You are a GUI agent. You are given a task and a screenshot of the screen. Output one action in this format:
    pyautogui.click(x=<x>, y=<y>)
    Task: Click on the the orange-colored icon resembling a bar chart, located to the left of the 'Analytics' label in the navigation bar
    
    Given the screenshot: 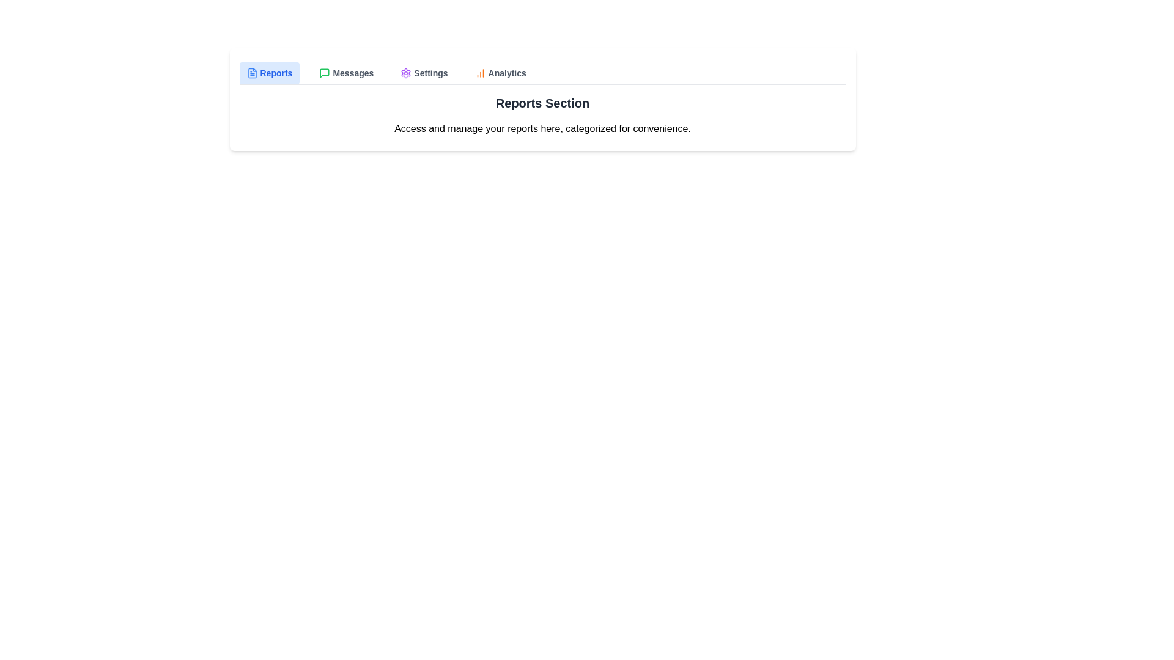 What is the action you would take?
    pyautogui.click(x=479, y=73)
    